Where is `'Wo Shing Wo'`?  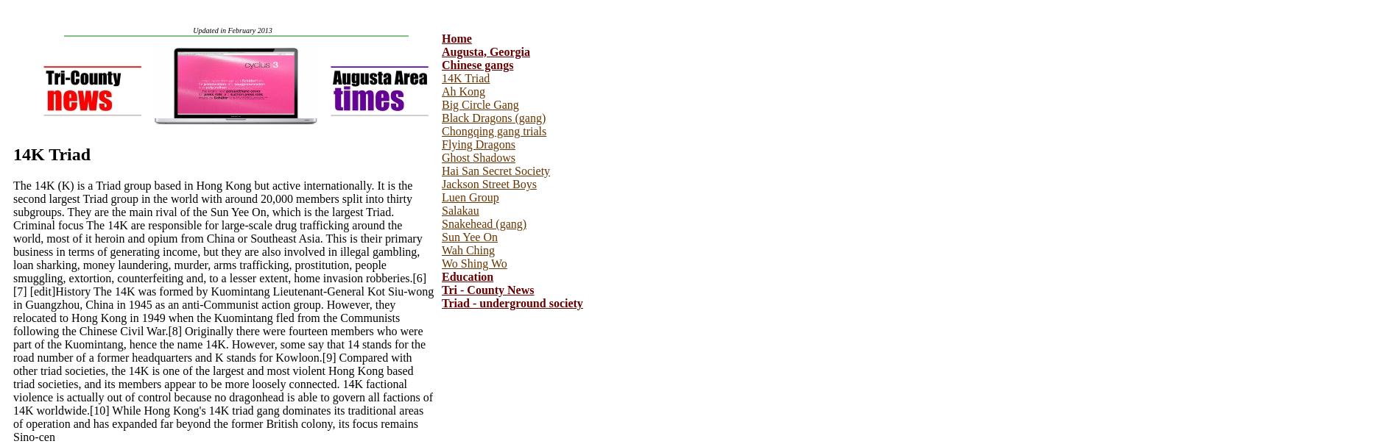 'Wo Shing Wo' is located at coordinates (473, 263).